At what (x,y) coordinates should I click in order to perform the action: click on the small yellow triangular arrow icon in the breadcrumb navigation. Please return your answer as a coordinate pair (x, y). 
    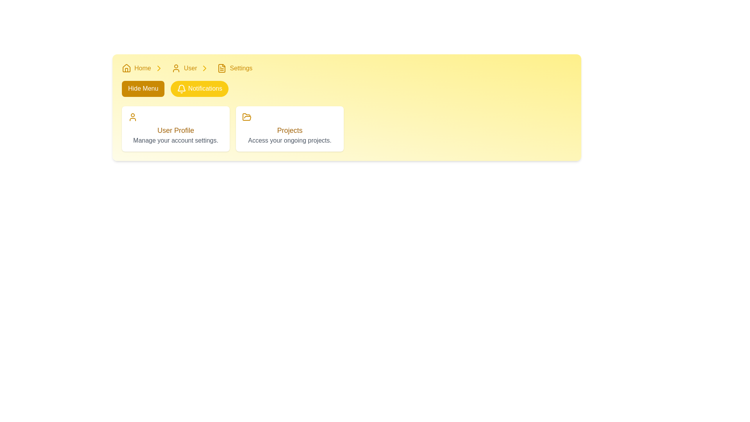
    Looking at the image, I should click on (205, 68).